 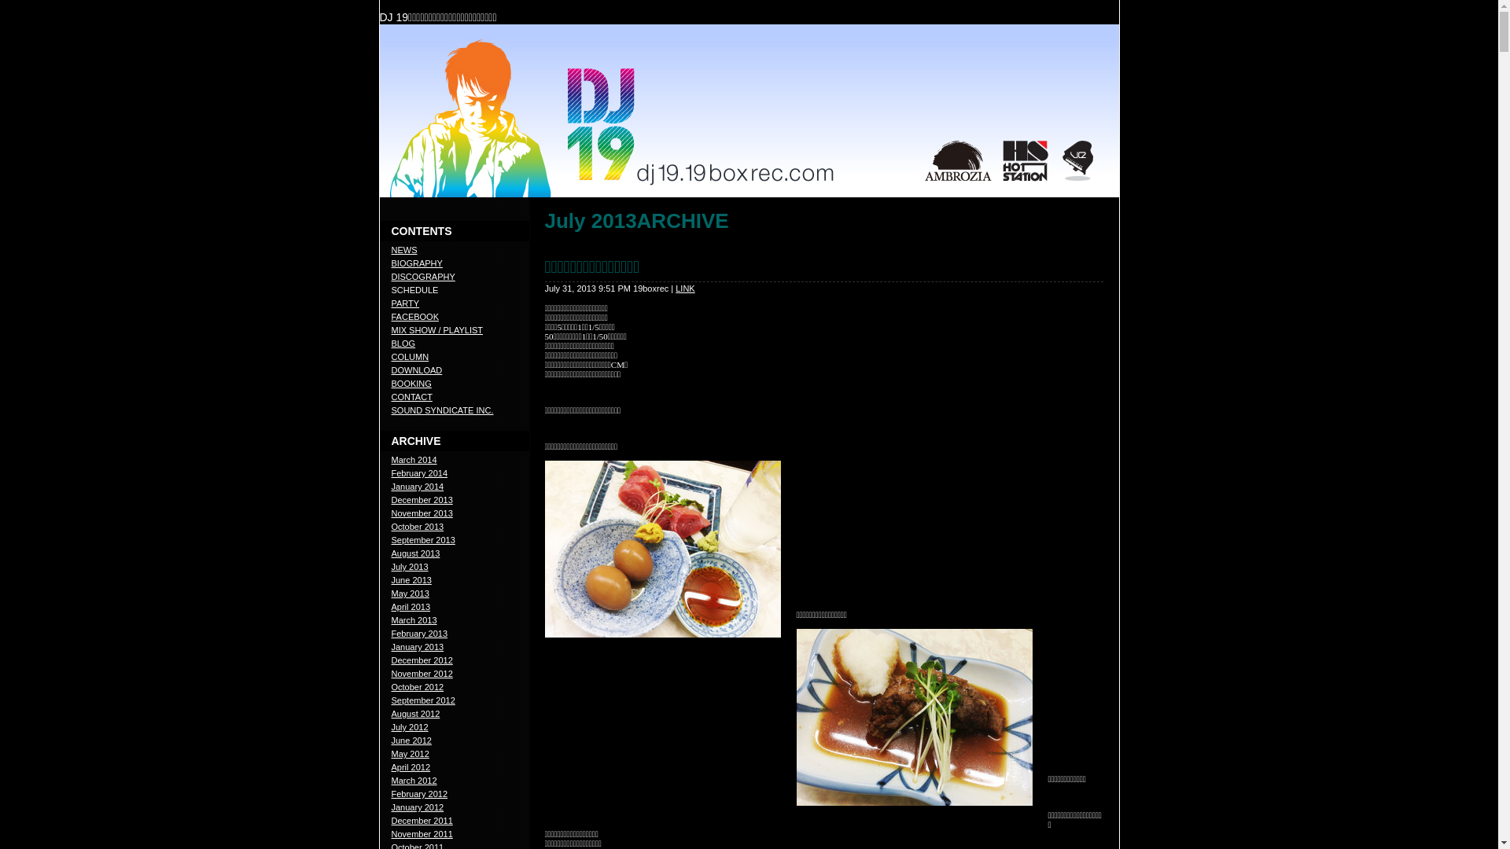 What do you see at coordinates (404, 248) in the screenshot?
I see `'NEWS'` at bounding box center [404, 248].